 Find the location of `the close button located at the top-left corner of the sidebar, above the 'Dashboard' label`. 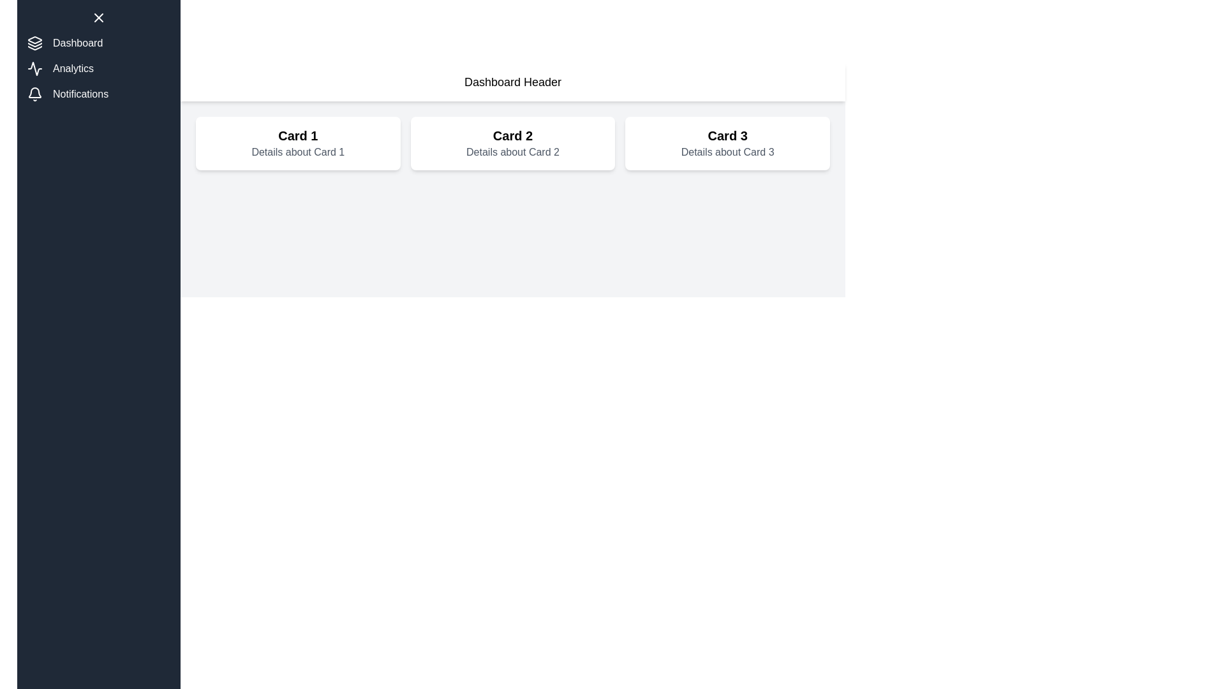

the close button located at the top-left corner of the sidebar, above the 'Dashboard' label is located at coordinates (98, 17).